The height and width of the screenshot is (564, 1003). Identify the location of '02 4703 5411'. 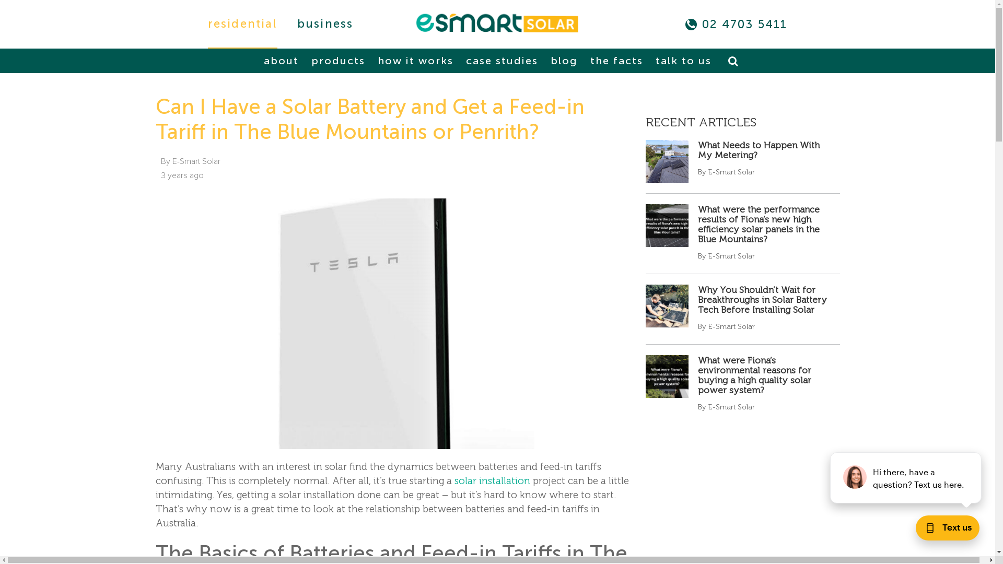
(744, 23).